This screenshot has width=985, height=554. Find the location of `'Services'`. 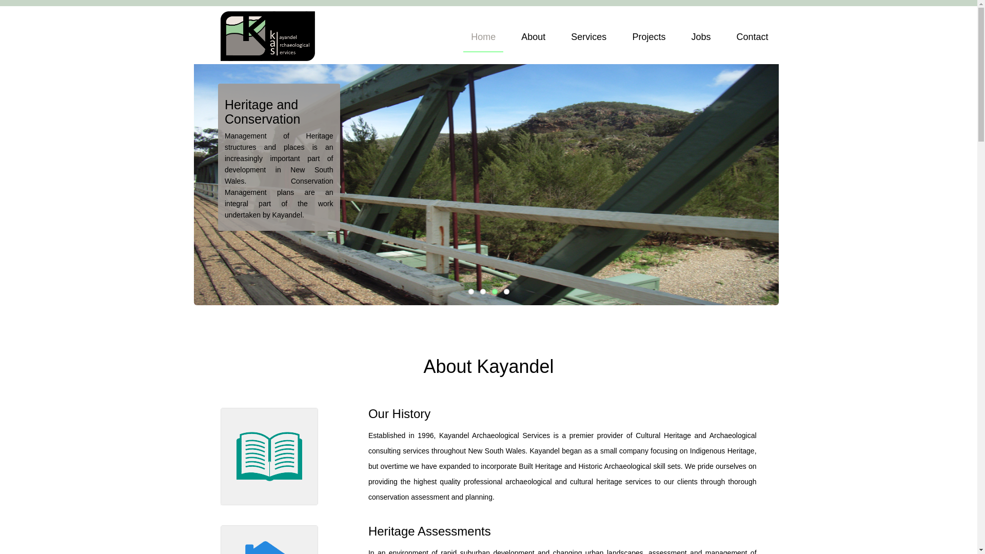

'Services' is located at coordinates (588, 39).